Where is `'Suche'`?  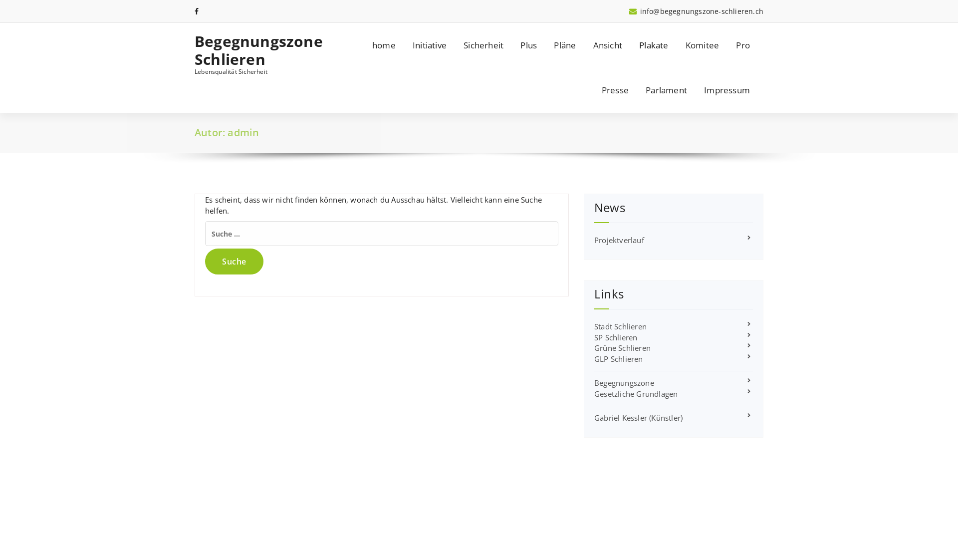 'Suche' is located at coordinates (234, 261).